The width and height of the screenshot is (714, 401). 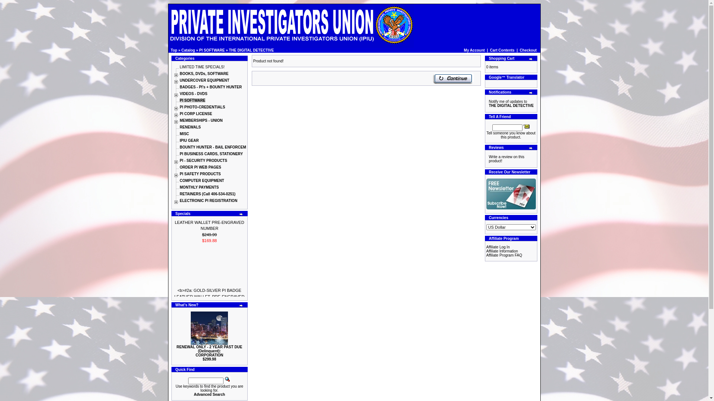 I want to click on 'Cart Contents', so click(x=502, y=50).